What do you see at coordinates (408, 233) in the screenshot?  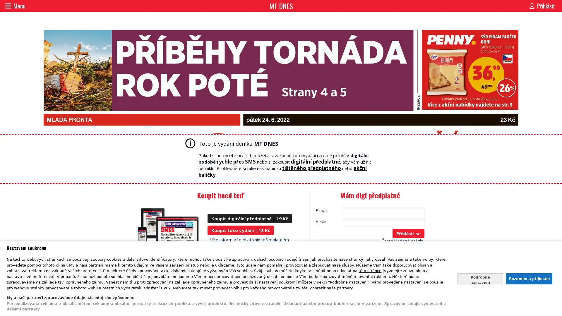 I see `Prihlasit se` at bounding box center [408, 233].